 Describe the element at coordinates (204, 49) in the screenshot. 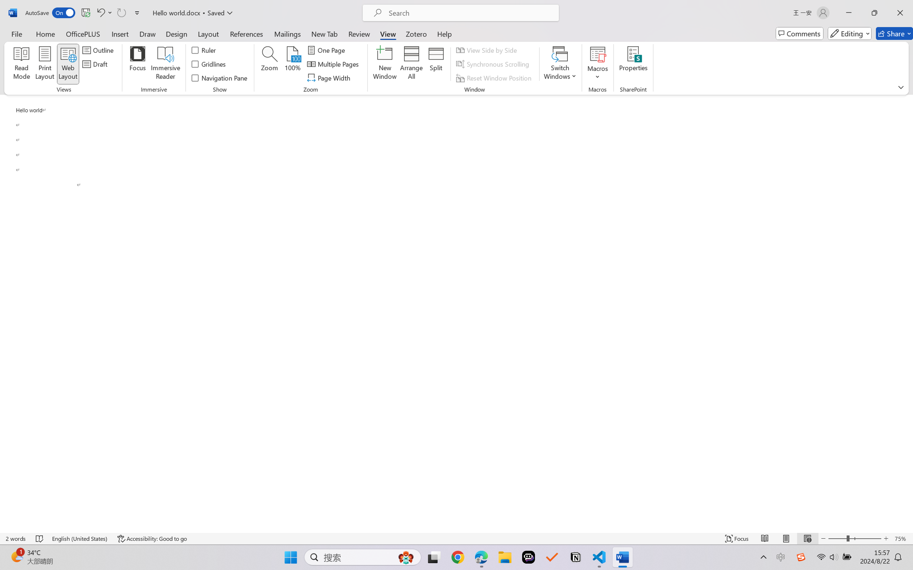

I see `'Ruler'` at that location.